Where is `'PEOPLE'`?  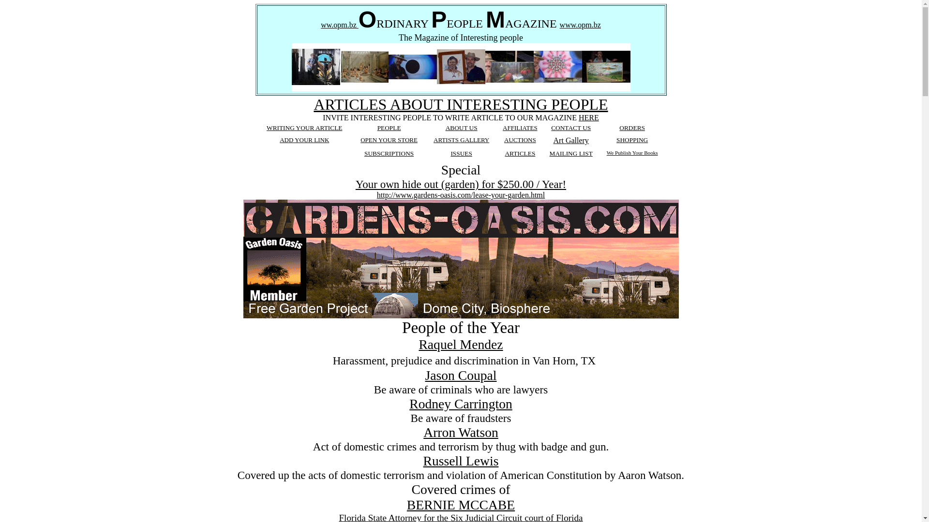 'PEOPLE' is located at coordinates (389, 127).